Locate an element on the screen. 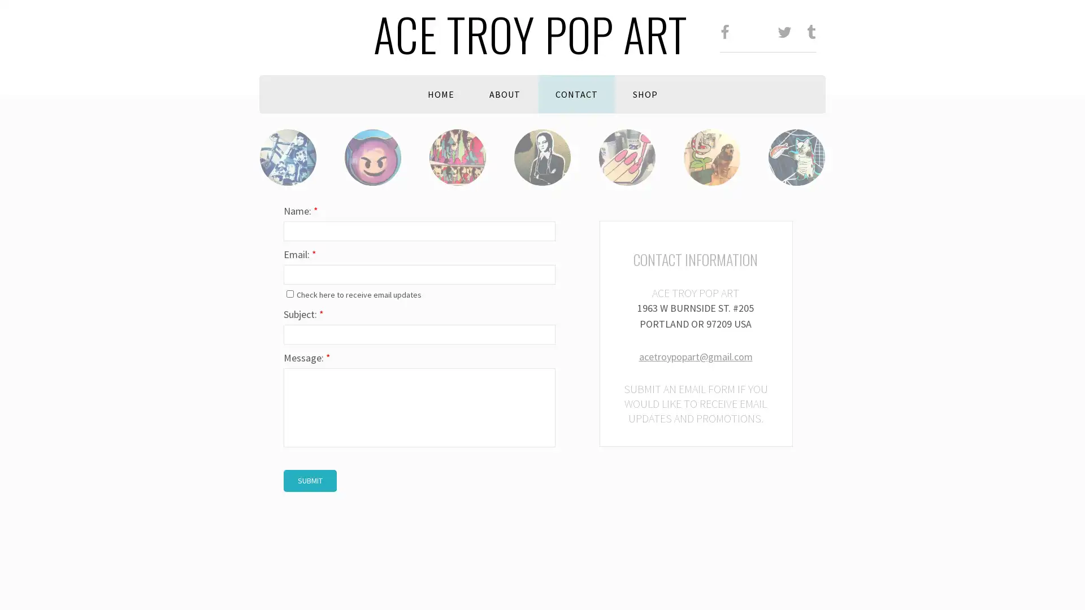 This screenshot has height=610, width=1085. Submit is located at coordinates (310, 481).